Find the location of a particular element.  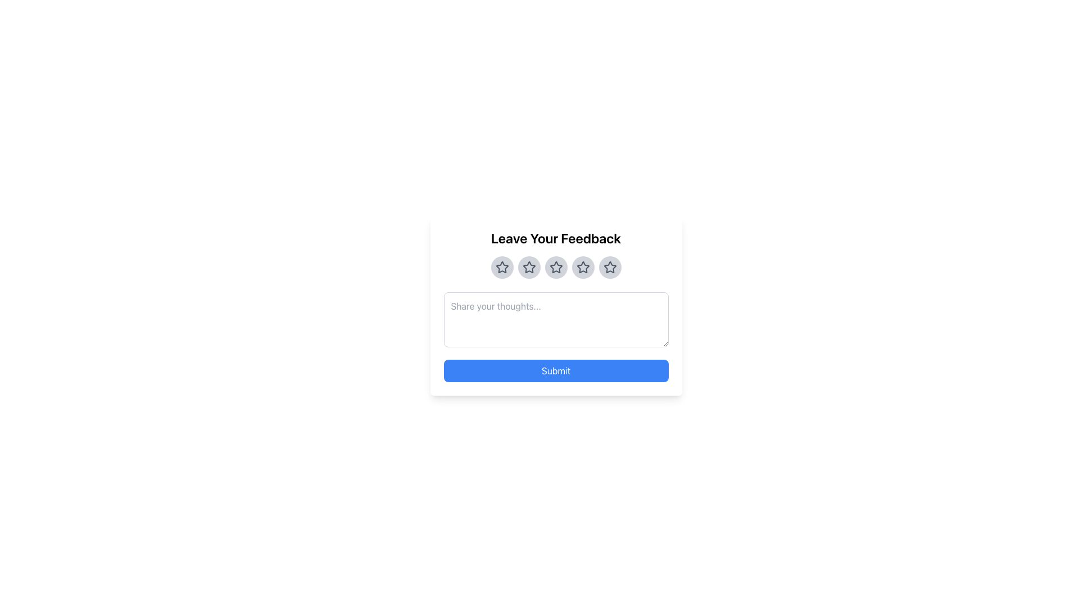

the fourth rating star icon, which is positioned between the third and fifth stars in a horizontal arrangement at the top of the feedback form is located at coordinates (583, 267).